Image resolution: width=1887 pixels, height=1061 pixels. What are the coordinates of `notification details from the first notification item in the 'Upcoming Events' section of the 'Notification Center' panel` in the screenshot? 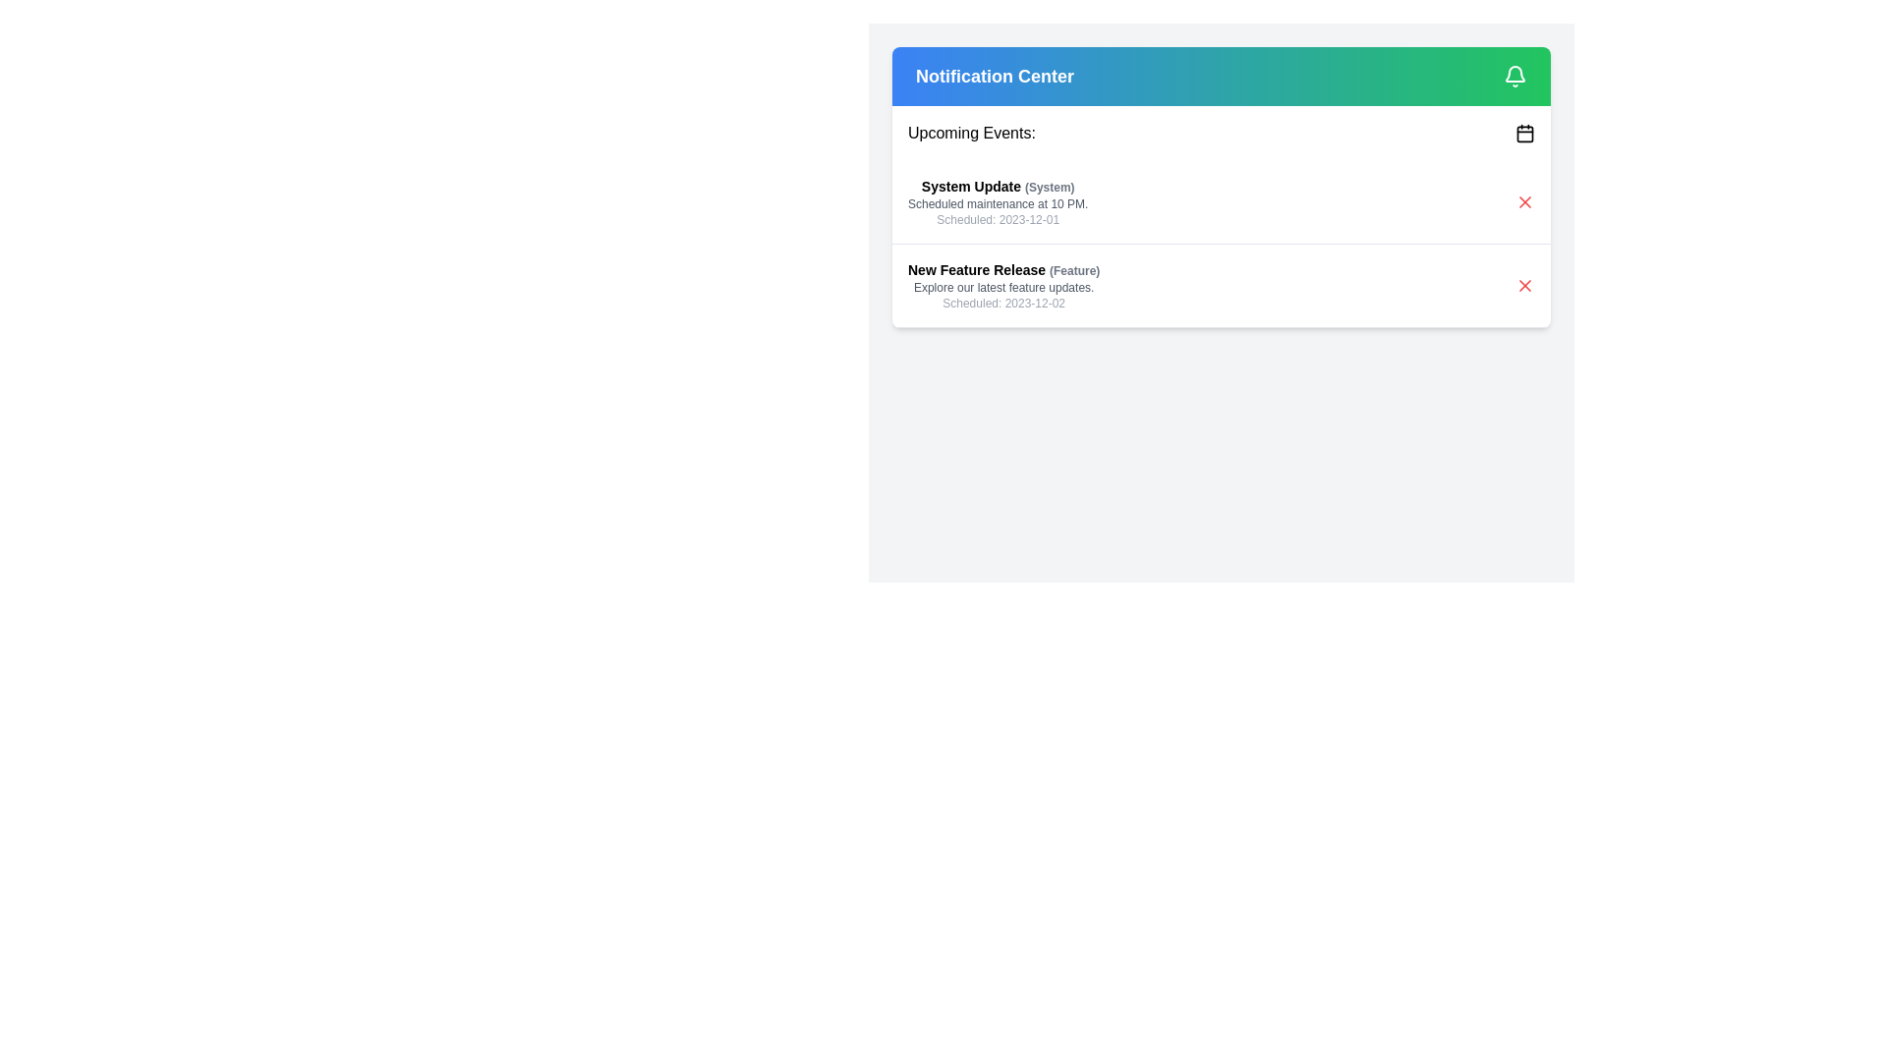 It's located at (1221, 202).